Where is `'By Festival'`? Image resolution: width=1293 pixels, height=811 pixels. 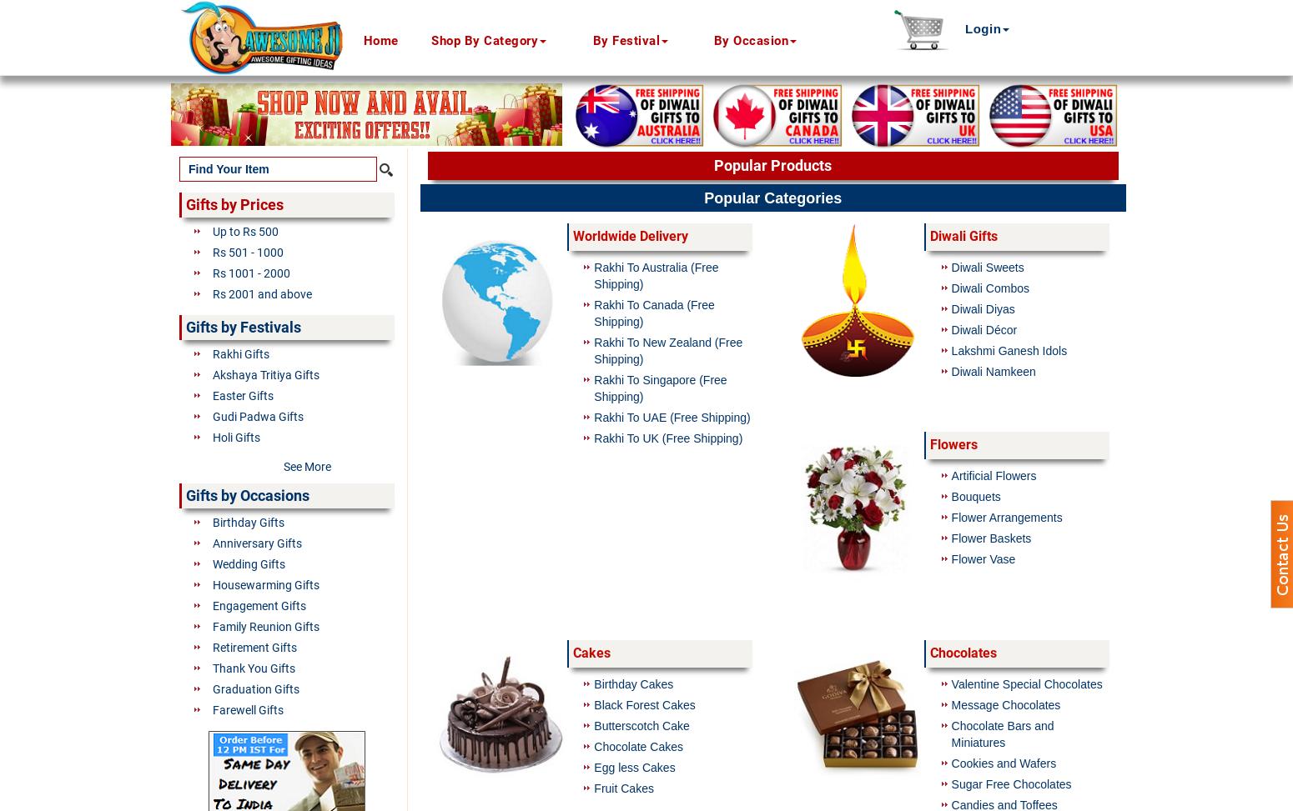 'By Festival' is located at coordinates (626, 41).